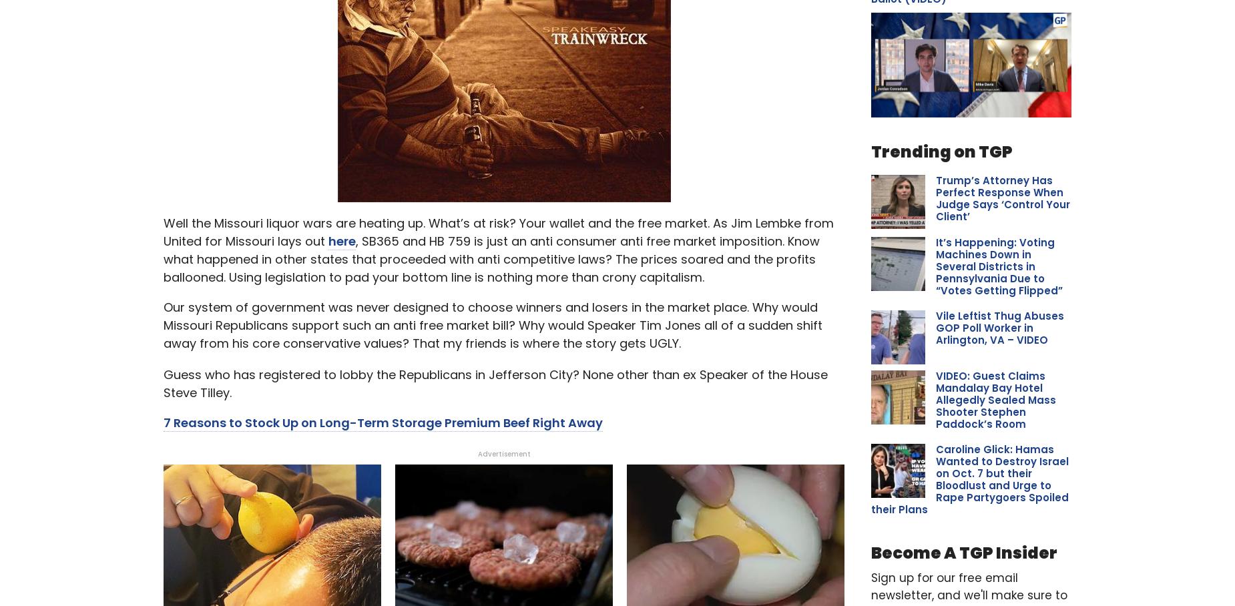 This screenshot has width=1235, height=606. I want to click on 'Children With 'White Lung' Symptoms Flood Chinese Hospitals; Concer...', so click(923, 483).